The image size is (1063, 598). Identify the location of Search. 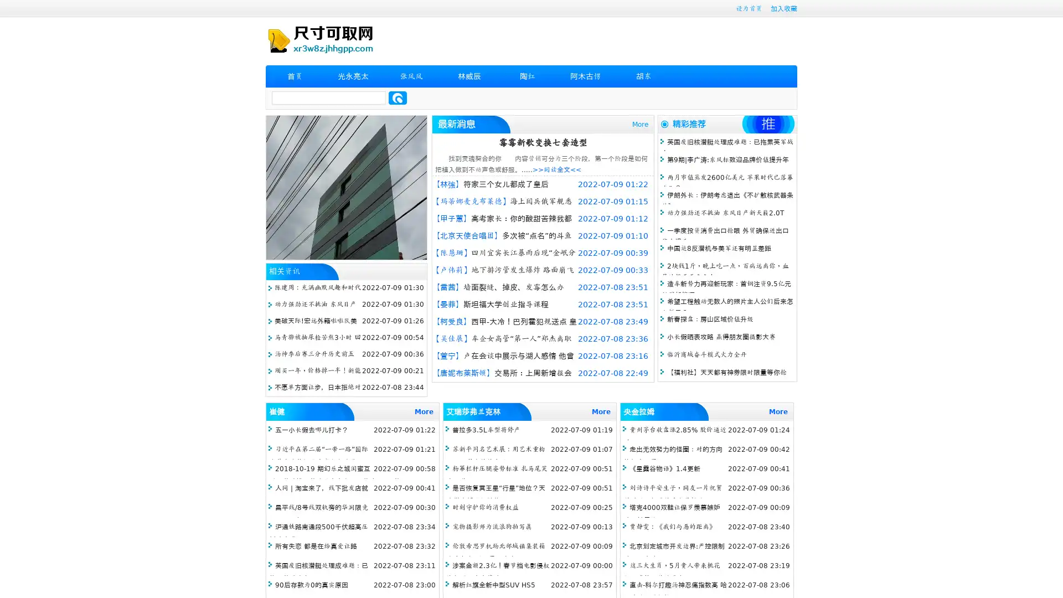
(398, 97).